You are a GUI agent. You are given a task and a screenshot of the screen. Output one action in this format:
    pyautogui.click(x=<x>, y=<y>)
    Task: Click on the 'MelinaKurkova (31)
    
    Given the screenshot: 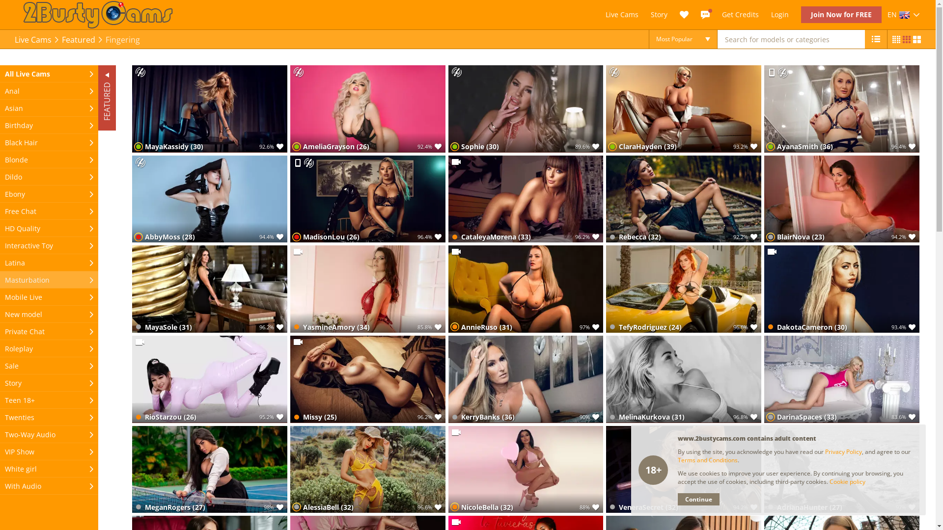 What is the action you would take?
    pyautogui.click(x=683, y=378)
    